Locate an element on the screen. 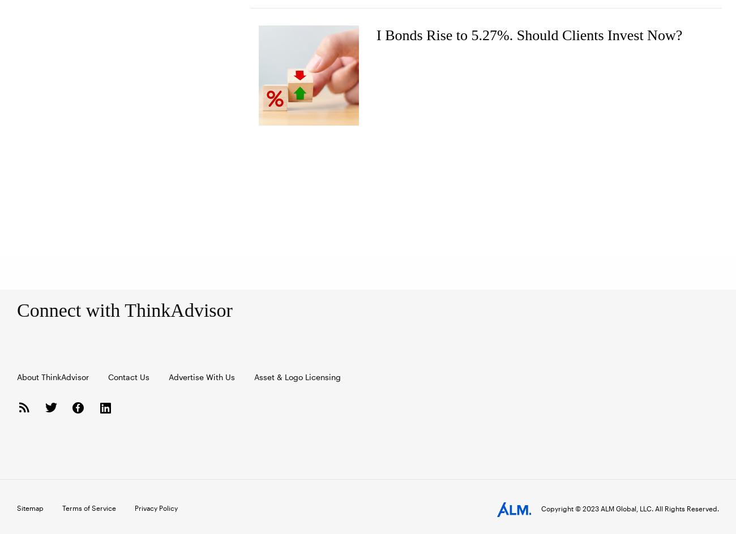 The image size is (736, 534). 'Terms of Service' is located at coordinates (88, 506).